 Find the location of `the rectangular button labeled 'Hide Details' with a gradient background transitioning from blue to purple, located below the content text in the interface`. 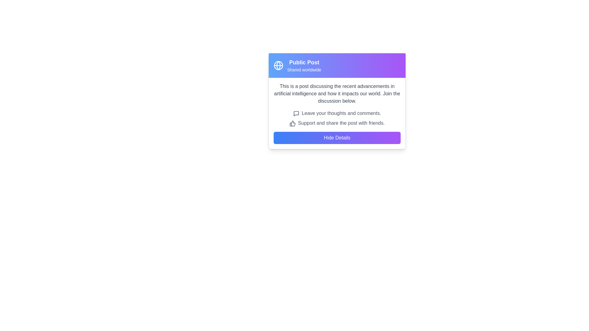

the rectangular button labeled 'Hide Details' with a gradient background transitioning from blue to purple, located below the content text in the interface is located at coordinates (337, 138).